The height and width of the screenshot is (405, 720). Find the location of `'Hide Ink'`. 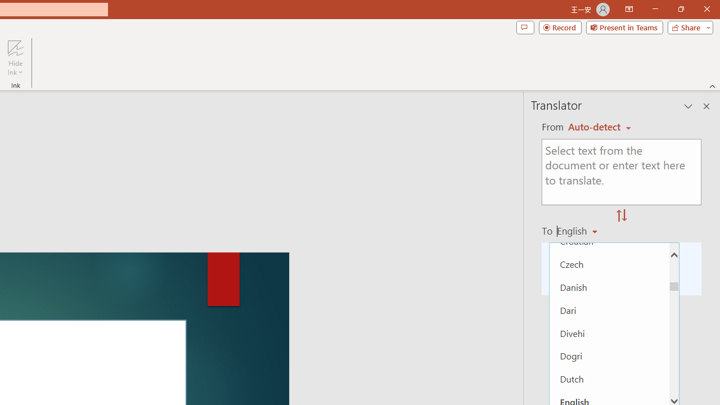

'Hide Ink' is located at coordinates (15, 58).